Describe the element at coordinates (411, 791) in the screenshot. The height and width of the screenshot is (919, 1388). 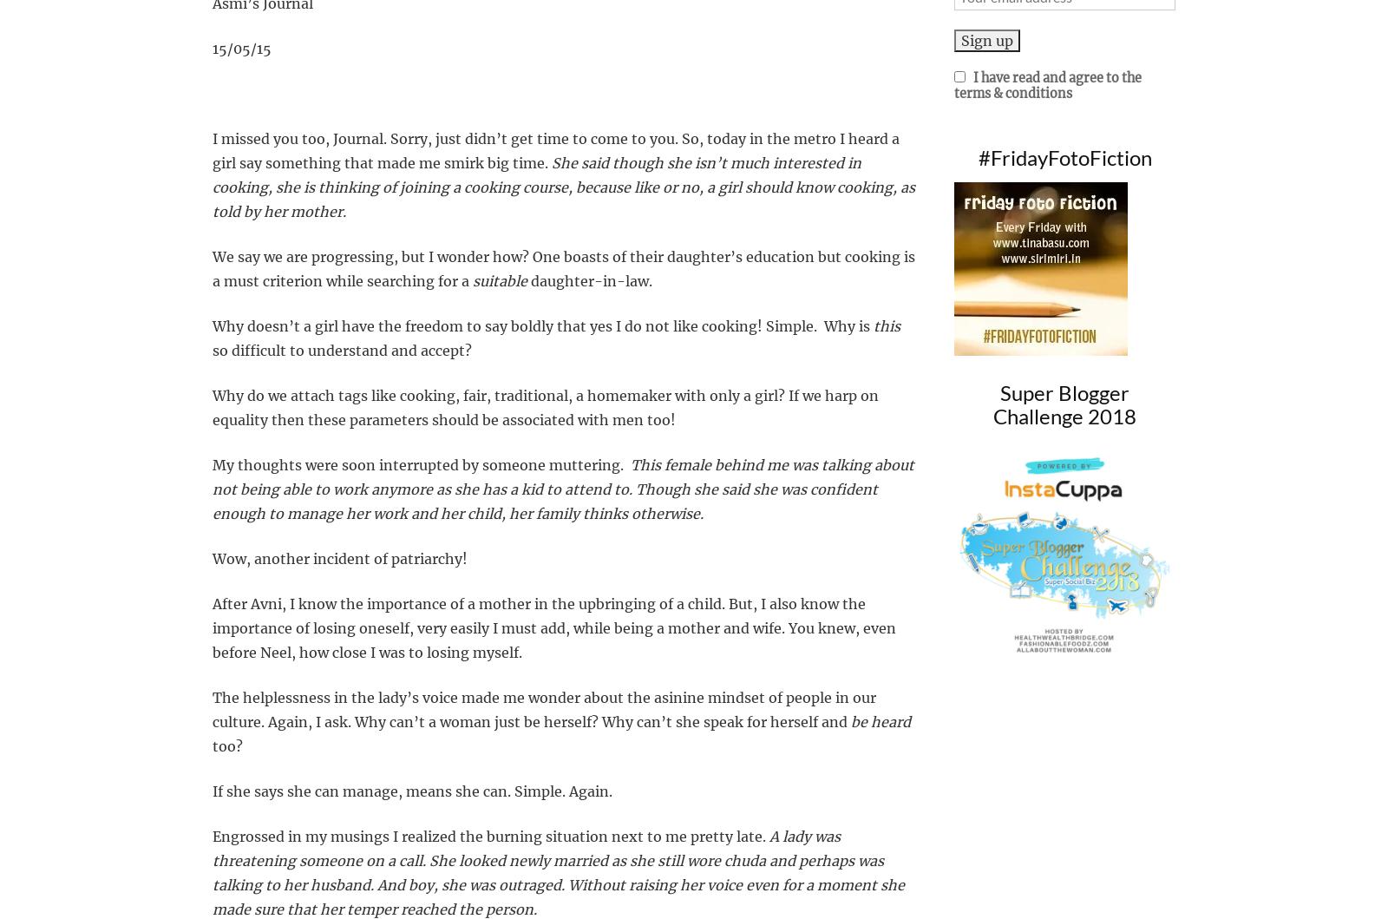
I see `'If she says she can manage, means she can. Simple. Again.'` at that location.